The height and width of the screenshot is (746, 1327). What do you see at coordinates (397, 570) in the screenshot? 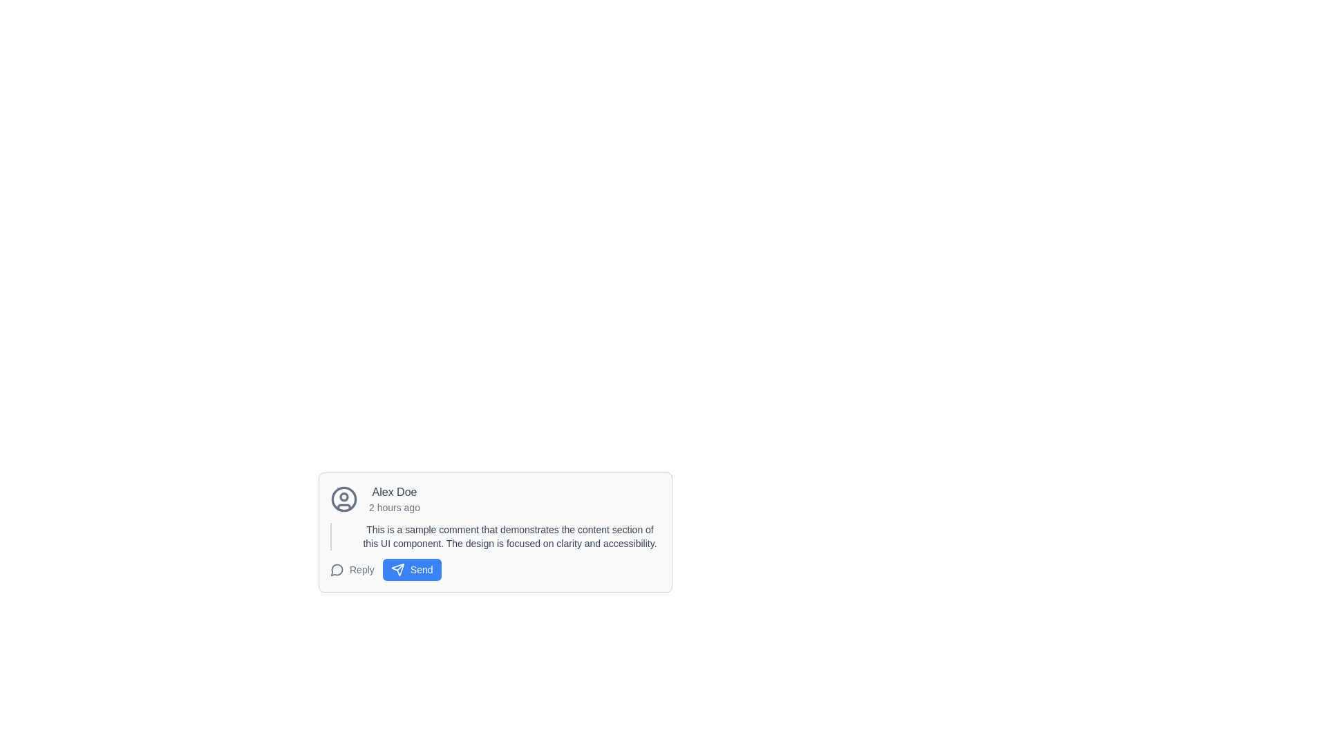
I see `the 'Send' button icon, which is located at the bottom right corner of the comment component, to visually suggest the action of sending a message or comment` at bounding box center [397, 570].